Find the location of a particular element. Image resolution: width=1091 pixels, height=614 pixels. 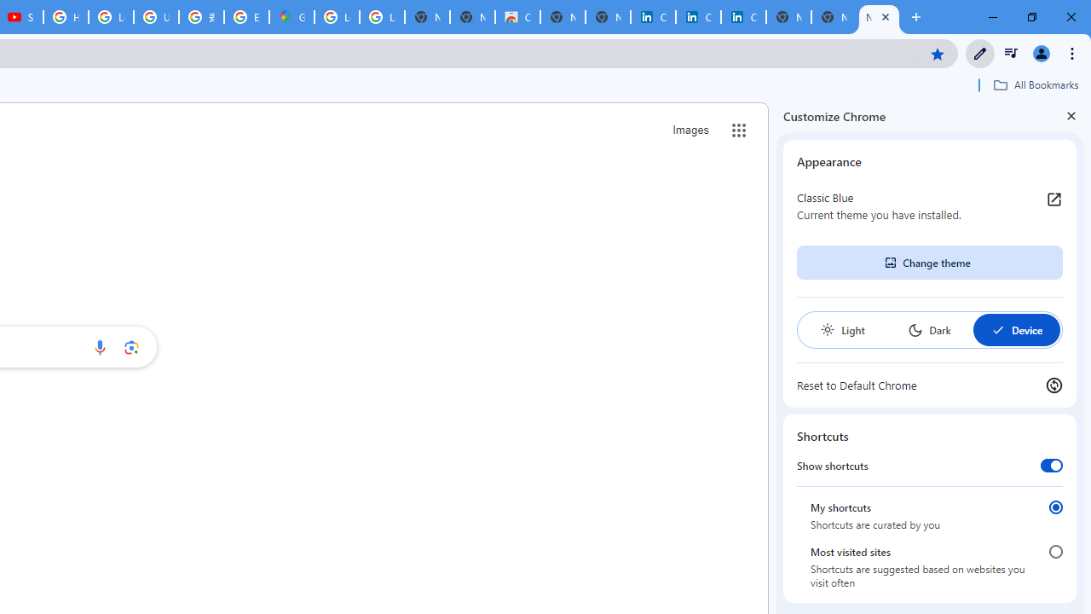

'Cookie Policy | LinkedIn' is located at coordinates (652, 17).